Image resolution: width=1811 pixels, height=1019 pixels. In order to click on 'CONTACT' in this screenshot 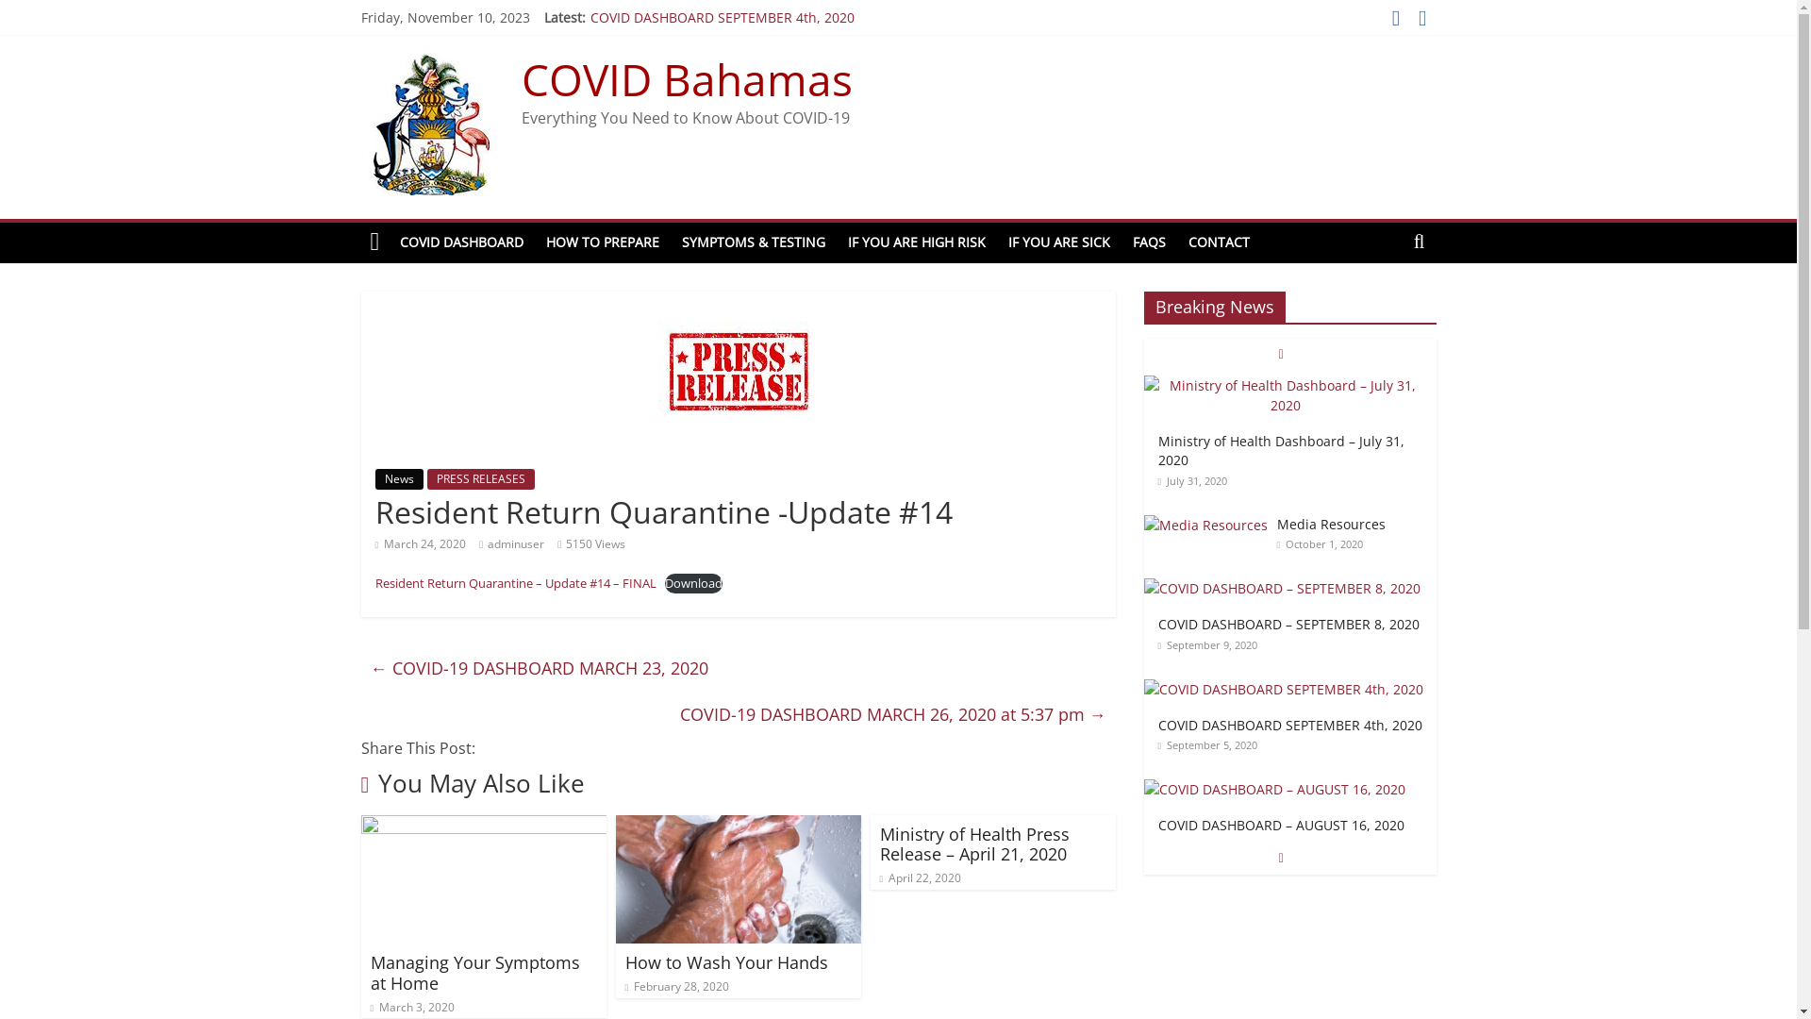, I will do `click(1219, 242)`.